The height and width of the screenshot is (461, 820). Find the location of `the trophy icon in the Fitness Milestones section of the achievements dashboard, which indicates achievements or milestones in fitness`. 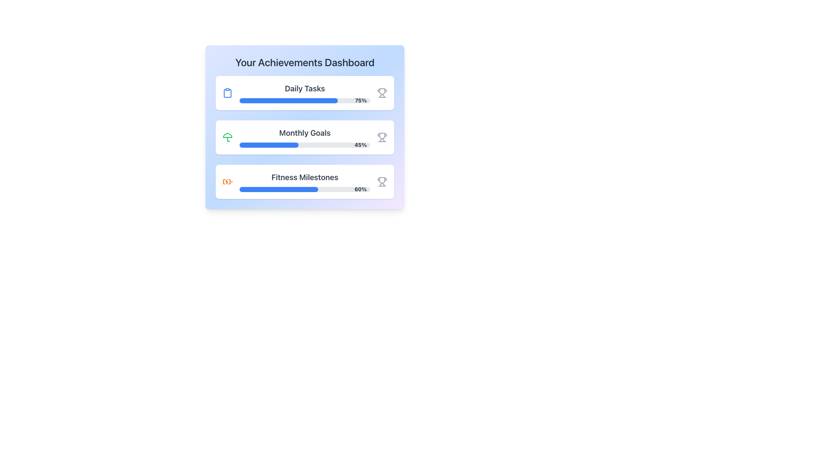

the trophy icon in the Fitness Milestones section of the achievements dashboard, which indicates achievements or milestones in fitness is located at coordinates (381, 181).